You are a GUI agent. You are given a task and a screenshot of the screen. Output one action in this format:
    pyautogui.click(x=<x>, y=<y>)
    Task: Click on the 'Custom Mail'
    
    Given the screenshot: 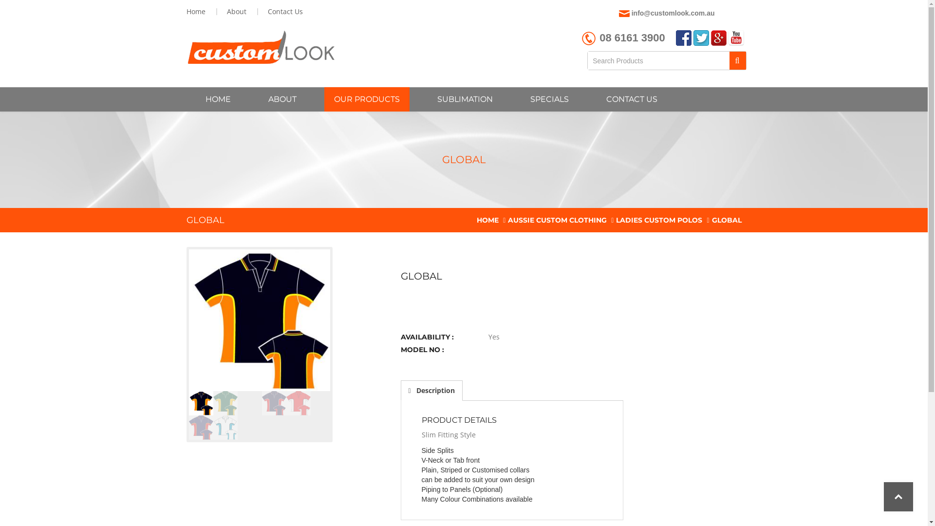 What is the action you would take?
    pyautogui.click(x=624, y=13)
    